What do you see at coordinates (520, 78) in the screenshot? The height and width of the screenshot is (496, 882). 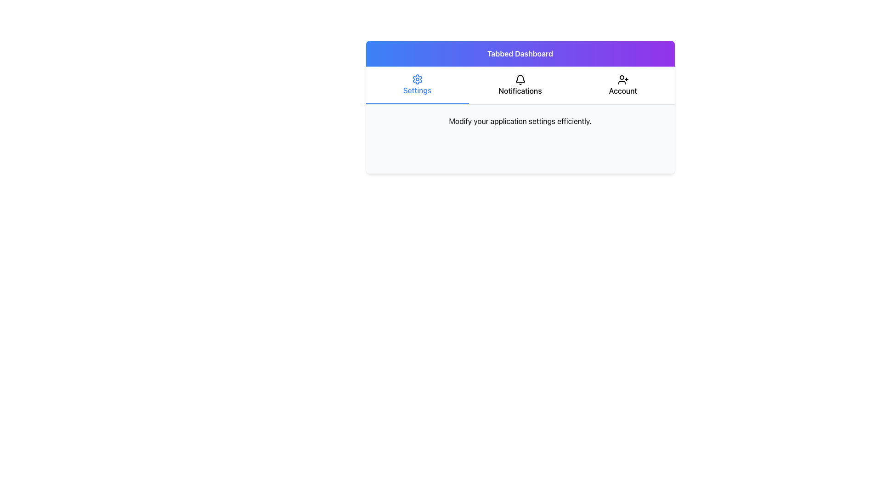 I see `the notification icon, which resembles a bell and is the second icon in the header section of the tabbed interface, positioned between a gear icon and a user icon` at bounding box center [520, 78].